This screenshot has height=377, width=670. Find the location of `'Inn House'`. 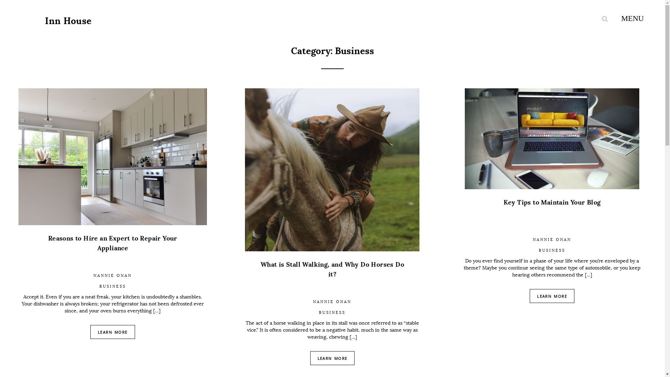

'Inn House' is located at coordinates (68, 20).